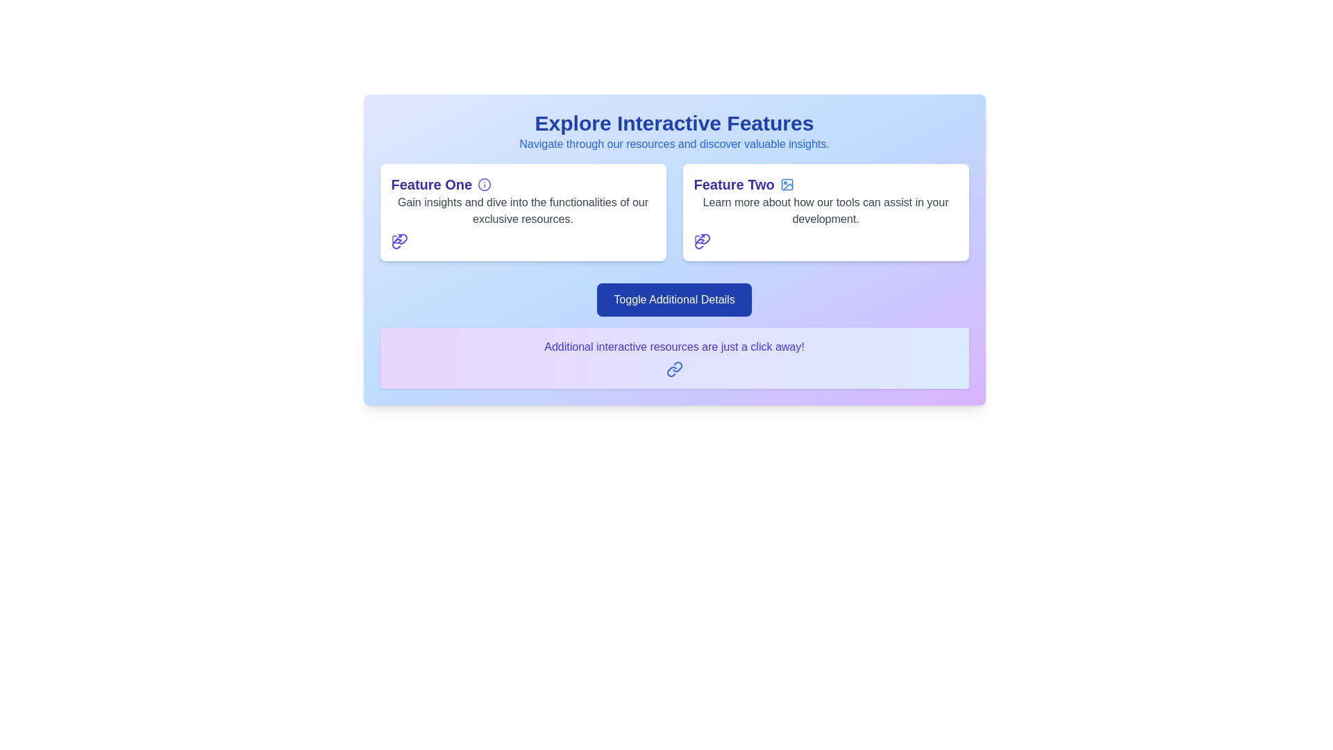 This screenshot has height=750, width=1333. Describe the element at coordinates (396, 237) in the screenshot. I see `the External Link icon located at the bottom left of the 'Feature One' card` at that location.